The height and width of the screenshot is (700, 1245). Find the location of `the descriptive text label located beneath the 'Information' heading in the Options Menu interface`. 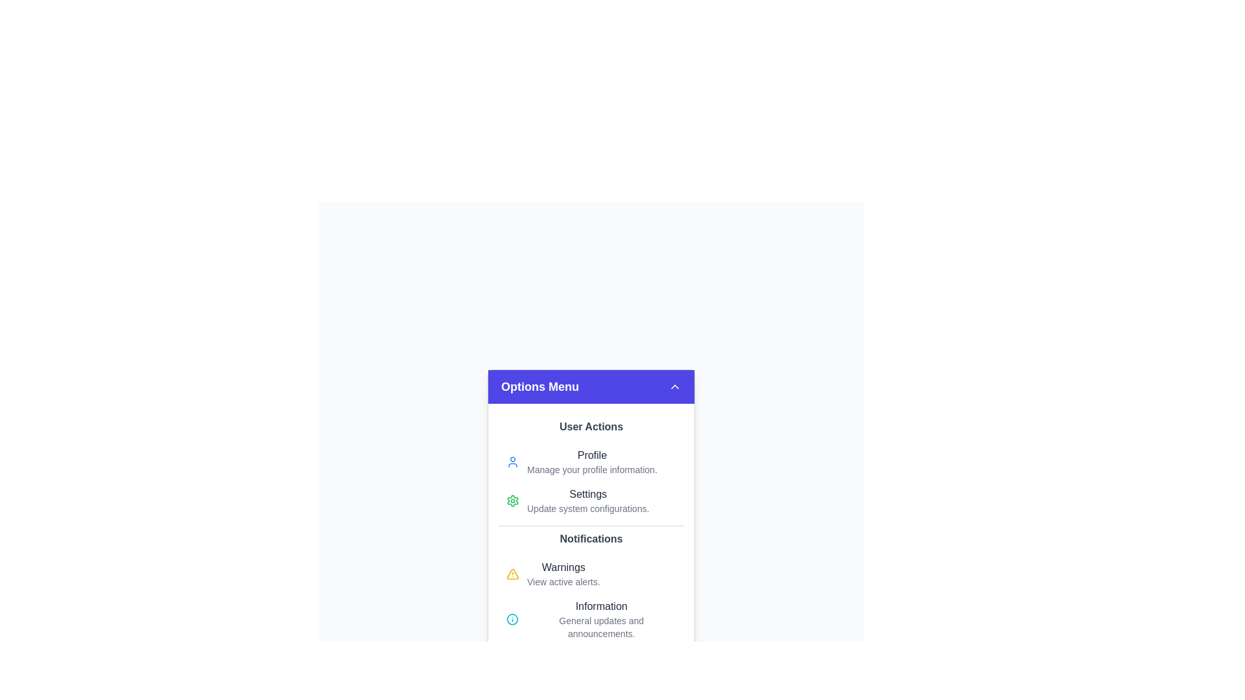

the descriptive text label located beneath the 'Information' heading in the Options Menu interface is located at coordinates (600, 627).